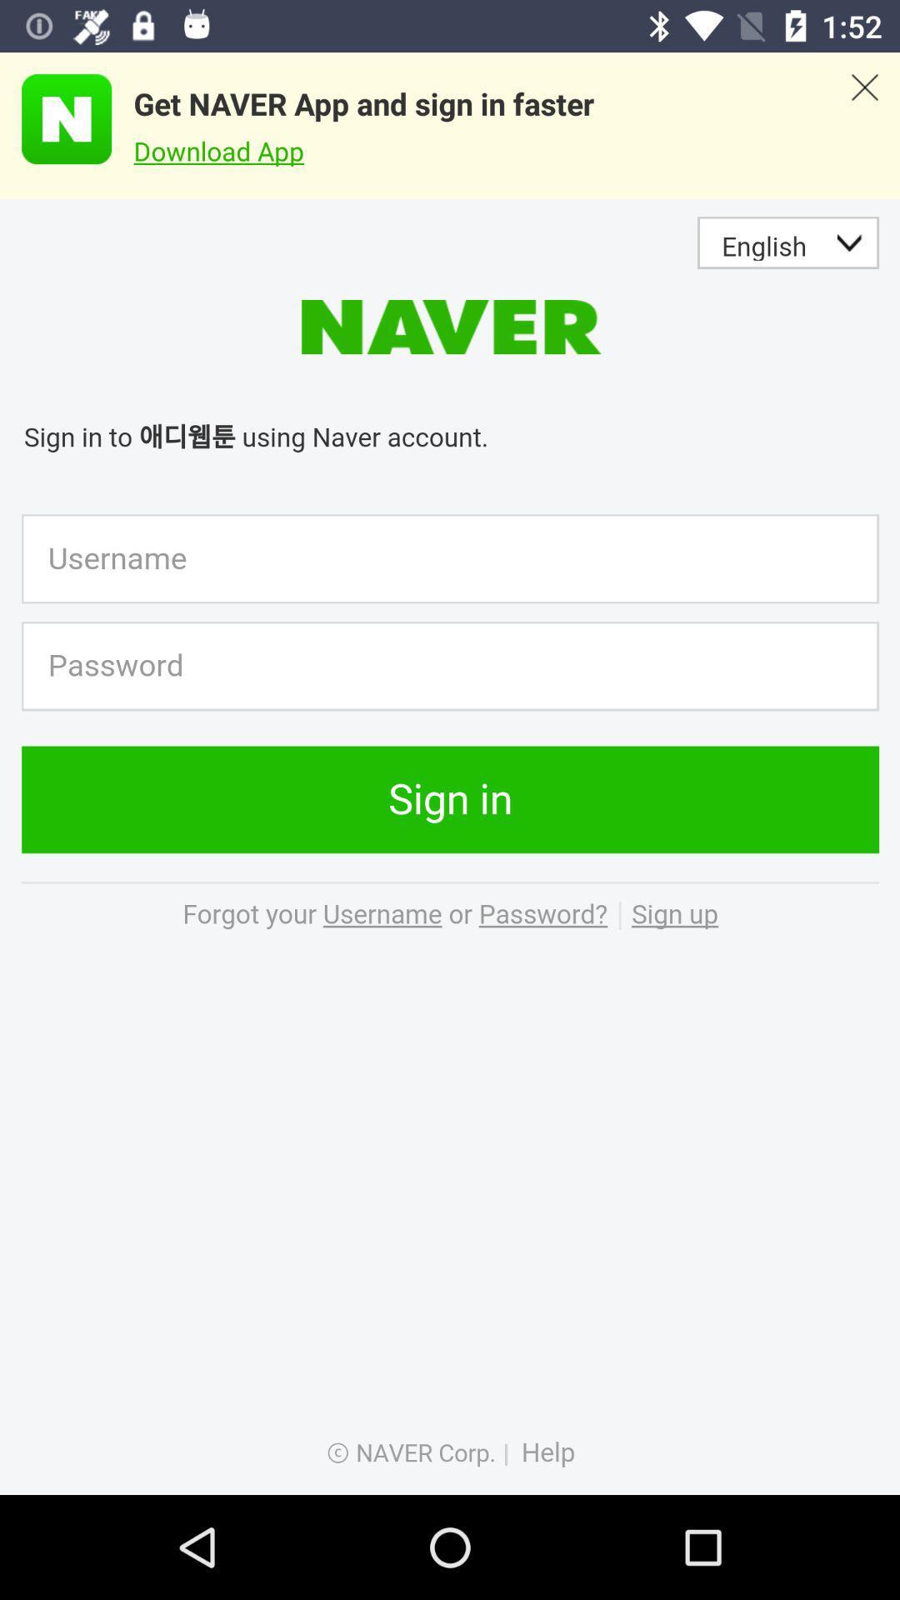 This screenshot has width=900, height=1600. Describe the element at coordinates (450, 847) in the screenshot. I see `language in option` at that location.